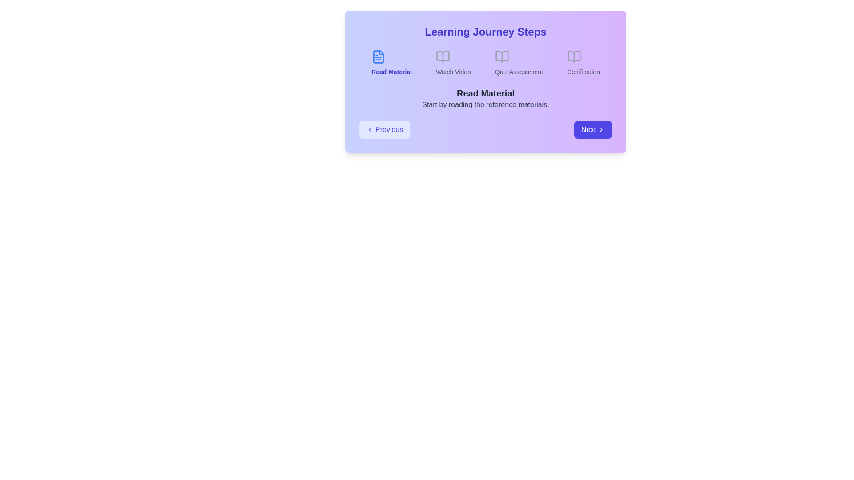  I want to click on text block element that contains the prominent 'Read Material' and the contextual information 'Start by reading the reference materials.', so click(485, 99).